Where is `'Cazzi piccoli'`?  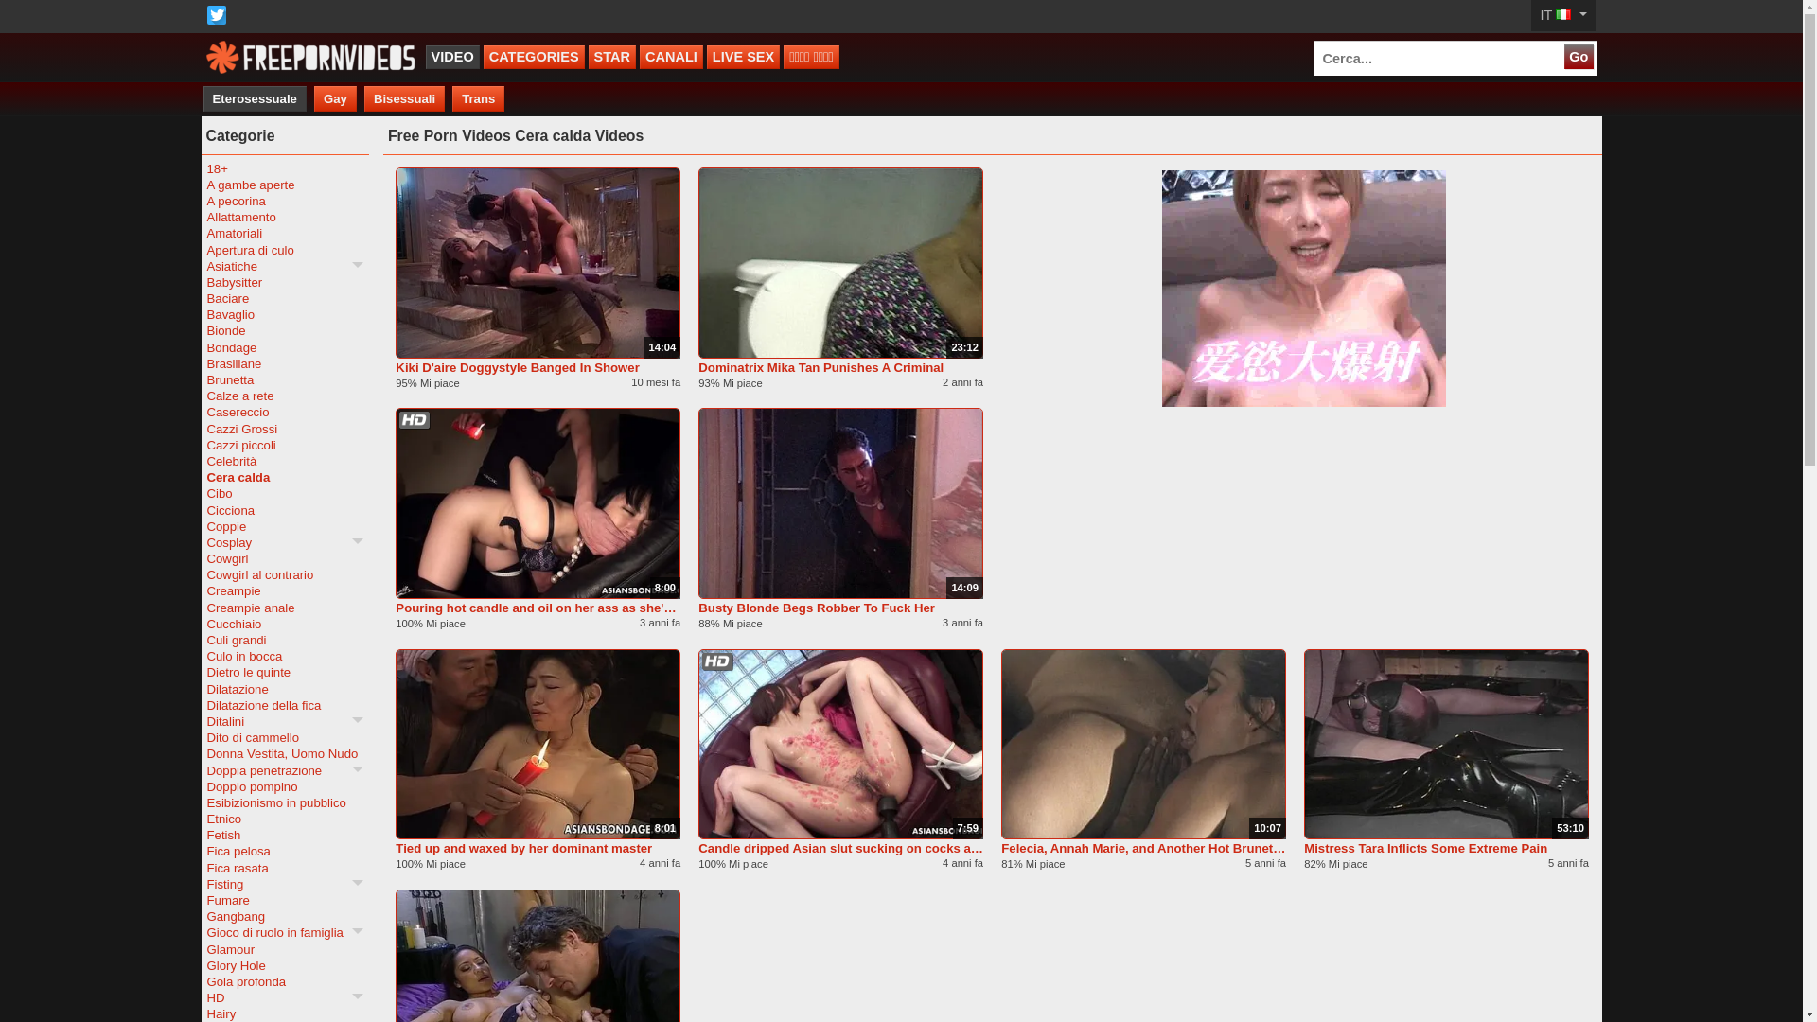
'Cazzi piccoli' is located at coordinates (284, 445).